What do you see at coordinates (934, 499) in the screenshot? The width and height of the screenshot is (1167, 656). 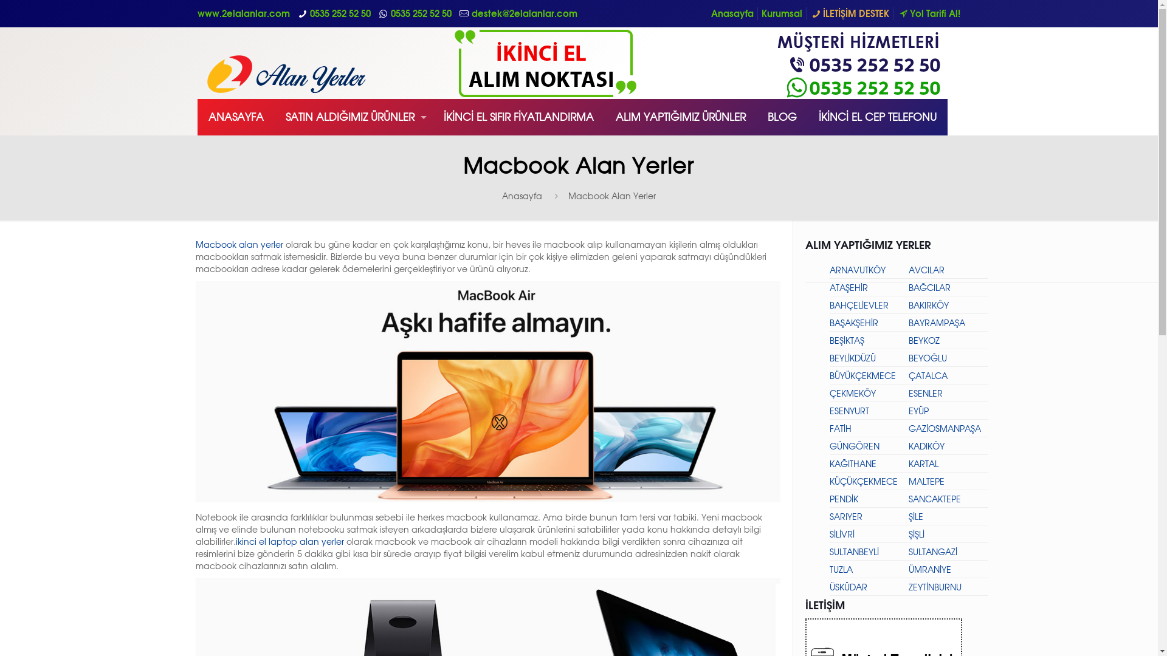 I see `'SANCAKTEPE'` at bounding box center [934, 499].